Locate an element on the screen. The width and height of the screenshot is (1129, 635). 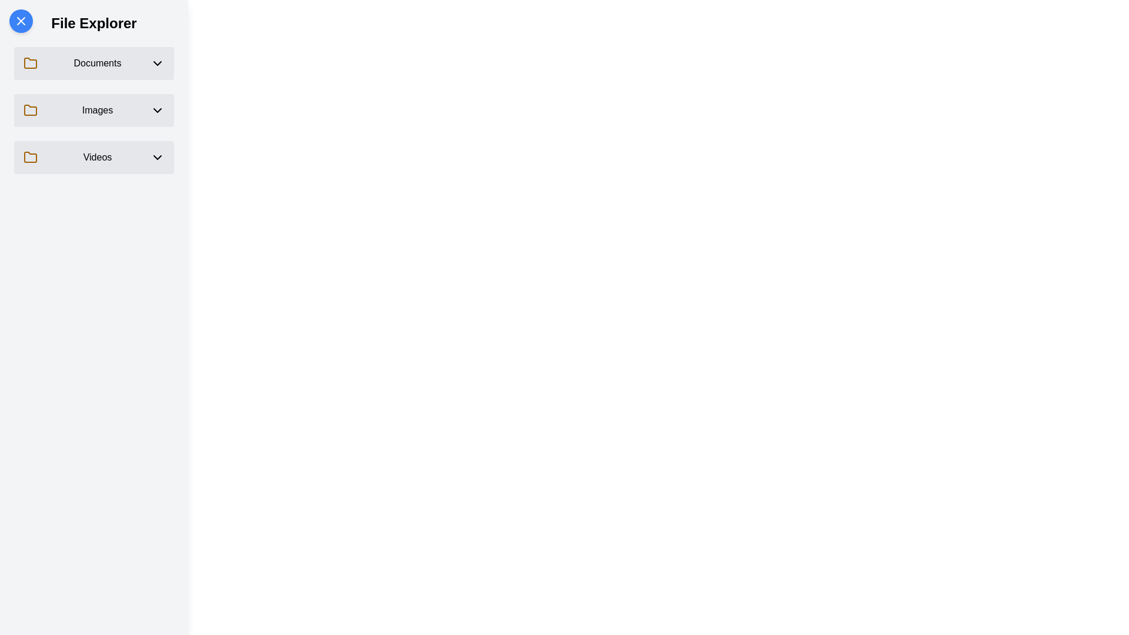
the circular blue button with a white 'X' icon, located in the top-left corner of the interface is located at coordinates (21, 21).